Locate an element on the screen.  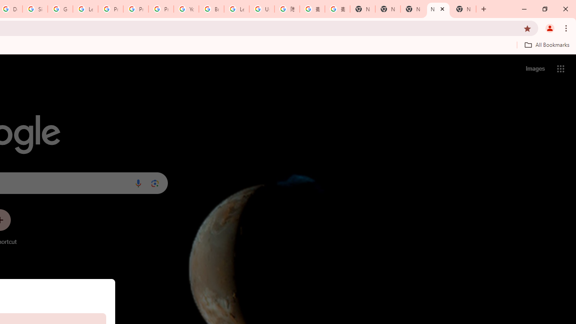
'New Tab' is located at coordinates (463, 9).